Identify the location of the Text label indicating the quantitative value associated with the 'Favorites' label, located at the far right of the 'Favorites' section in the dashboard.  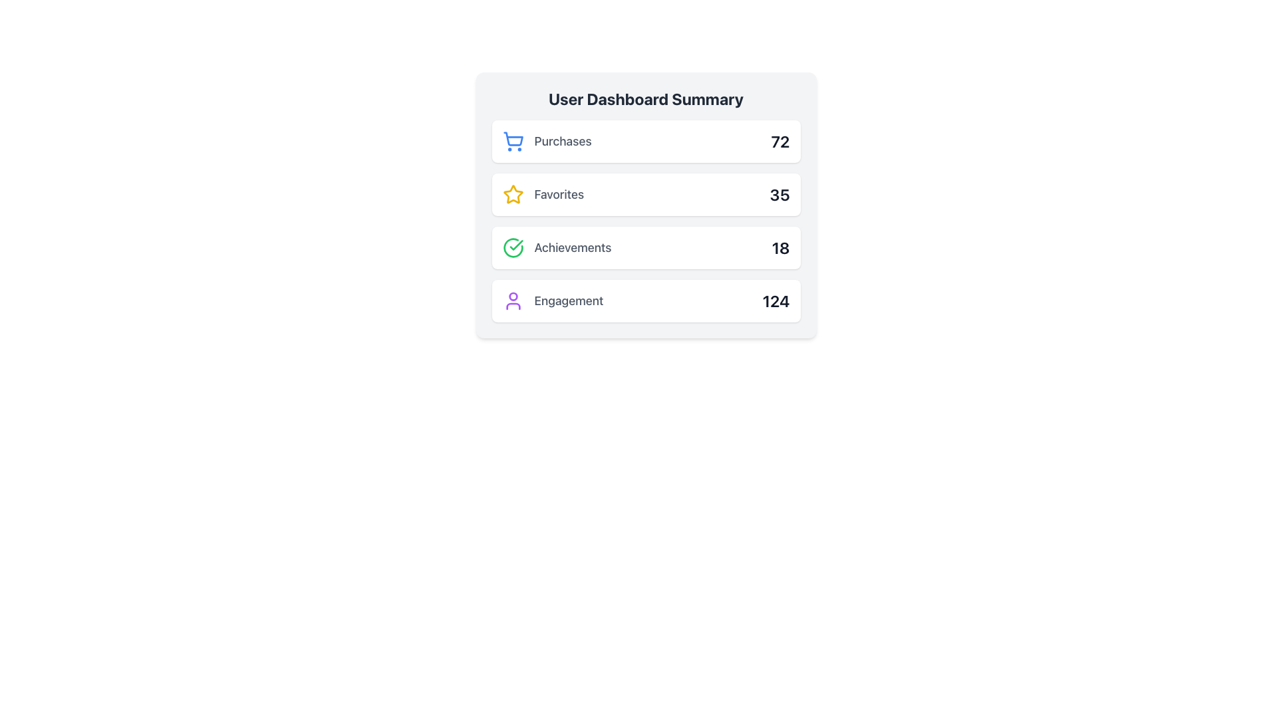
(780, 195).